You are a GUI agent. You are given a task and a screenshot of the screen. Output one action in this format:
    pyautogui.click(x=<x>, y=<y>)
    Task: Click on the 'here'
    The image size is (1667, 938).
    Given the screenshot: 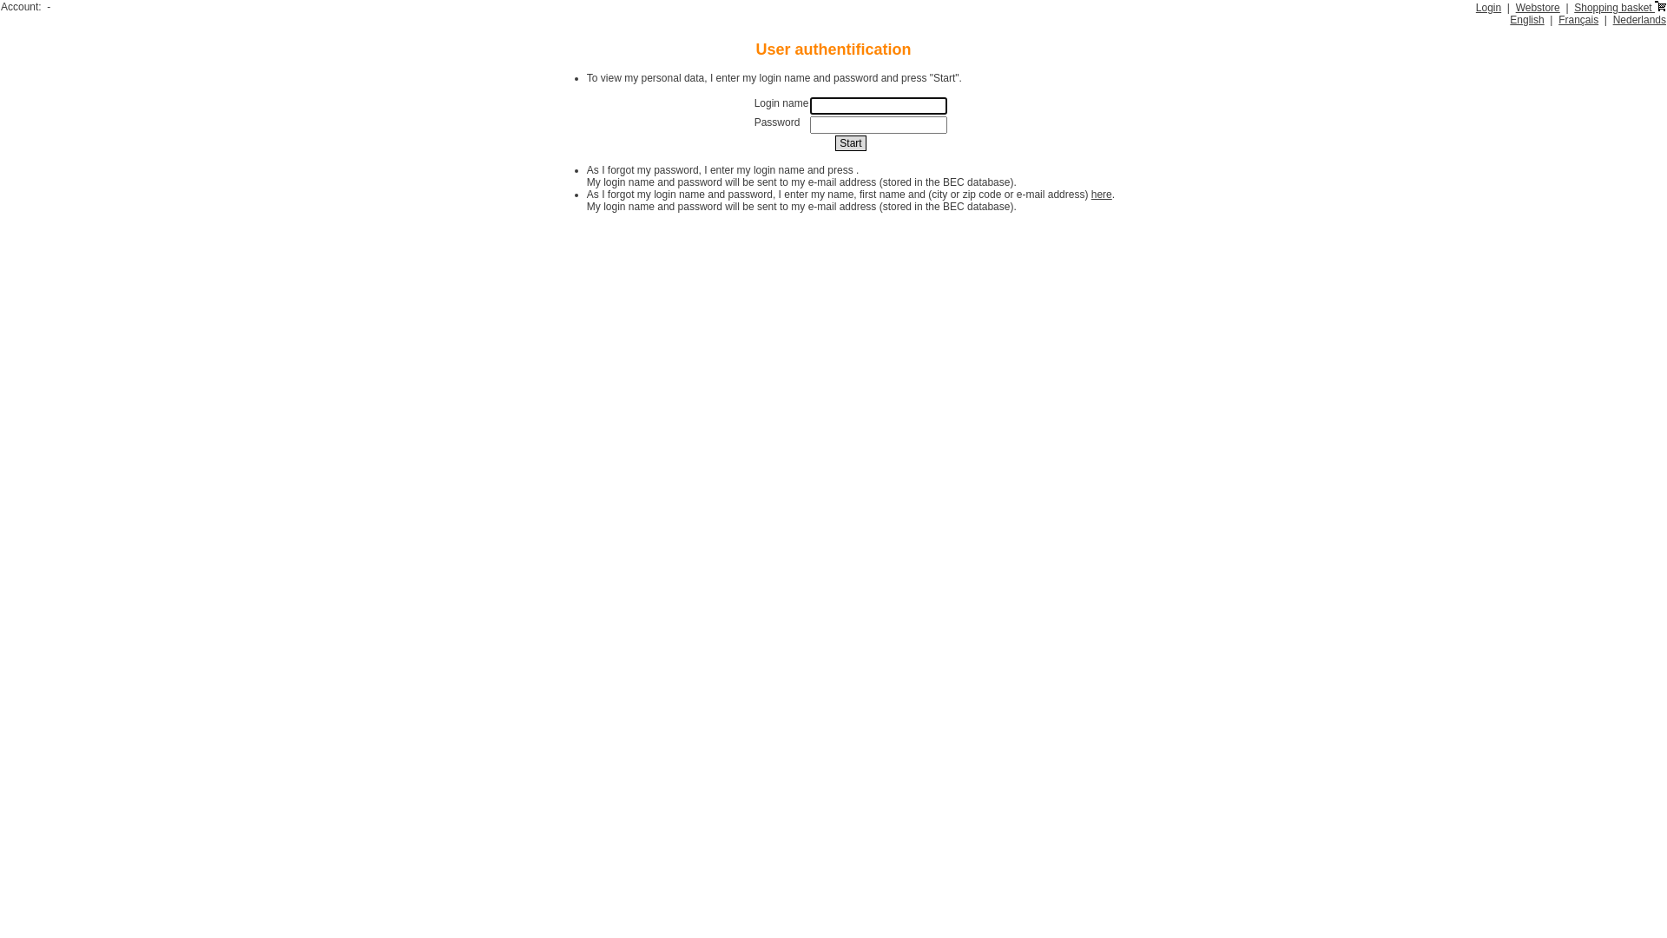 What is the action you would take?
    pyautogui.click(x=1090, y=194)
    